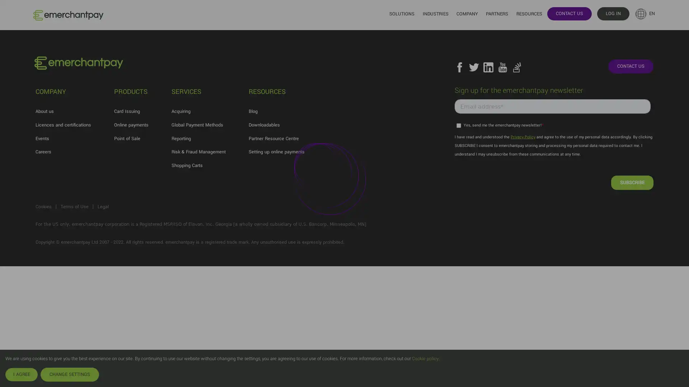 This screenshot has width=689, height=387. Describe the element at coordinates (21, 374) in the screenshot. I see `I AGREE` at that location.